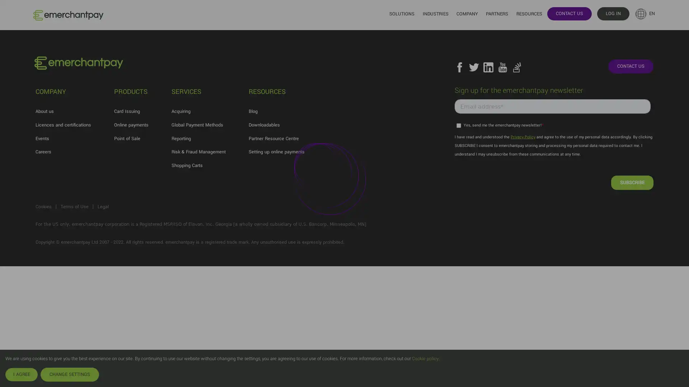 This screenshot has width=689, height=387. Describe the element at coordinates (21, 374) in the screenshot. I see `I AGREE` at that location.